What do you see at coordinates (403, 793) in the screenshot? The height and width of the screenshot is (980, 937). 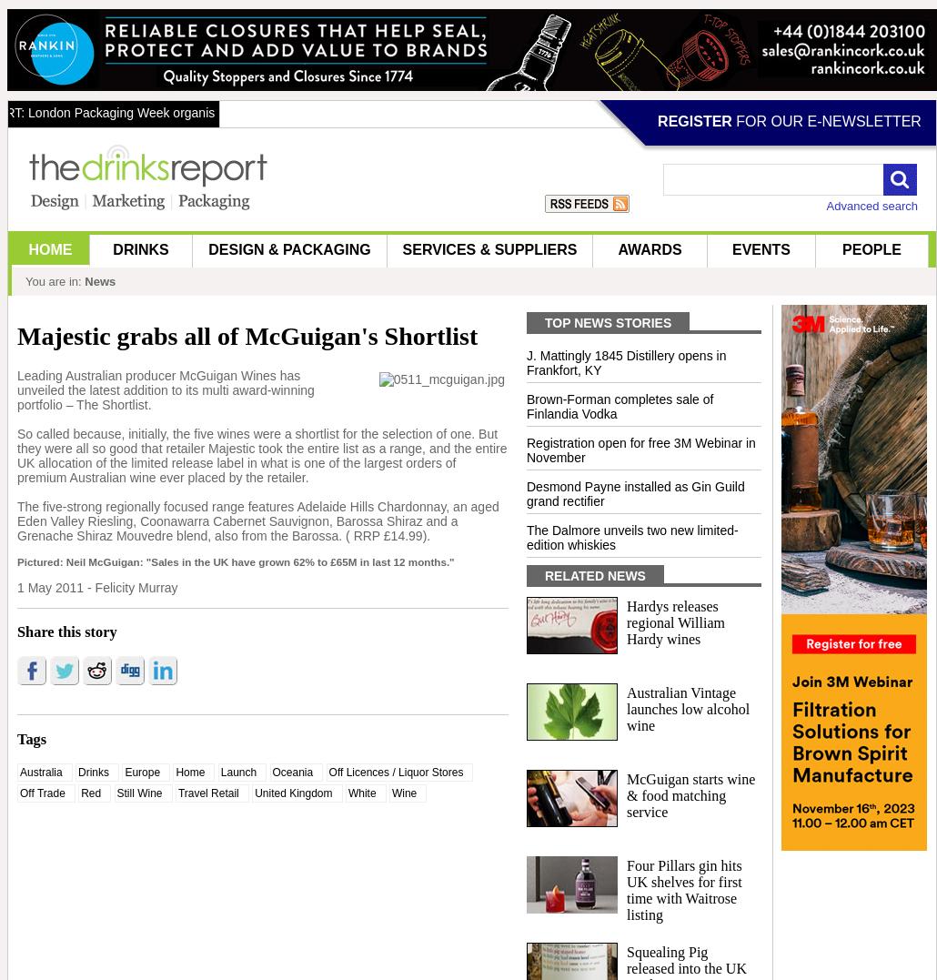 I see `'Wine'` at bounding box center [403, 793].